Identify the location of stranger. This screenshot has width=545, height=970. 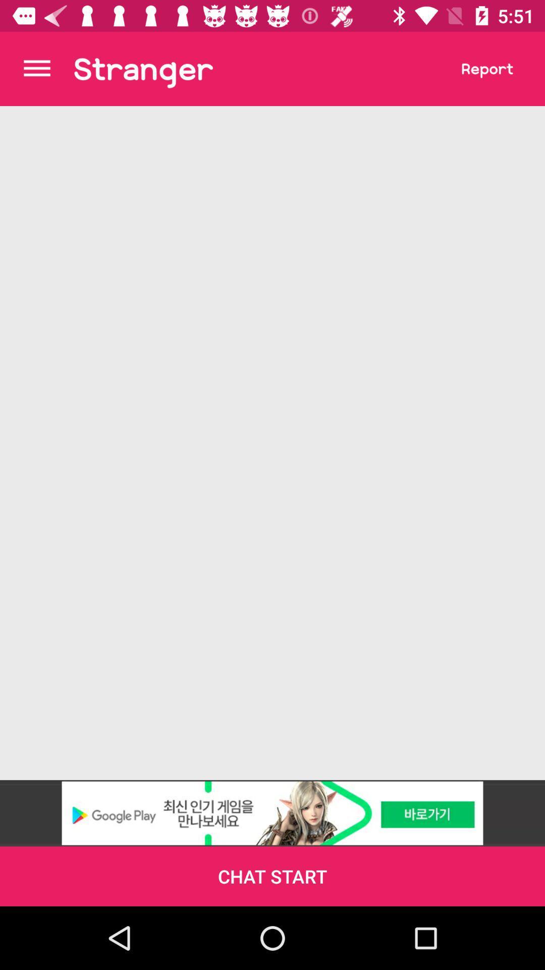
(143, 68).